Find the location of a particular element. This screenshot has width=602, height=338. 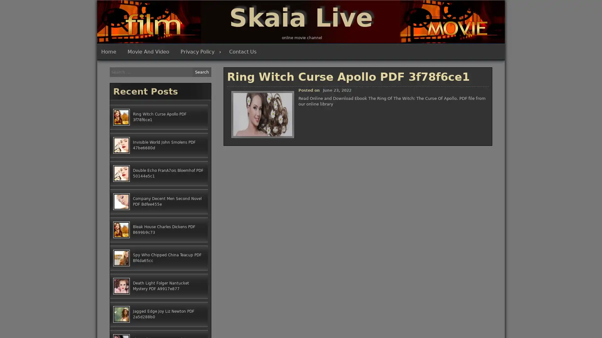

Search is located at coordinates (202, 72).